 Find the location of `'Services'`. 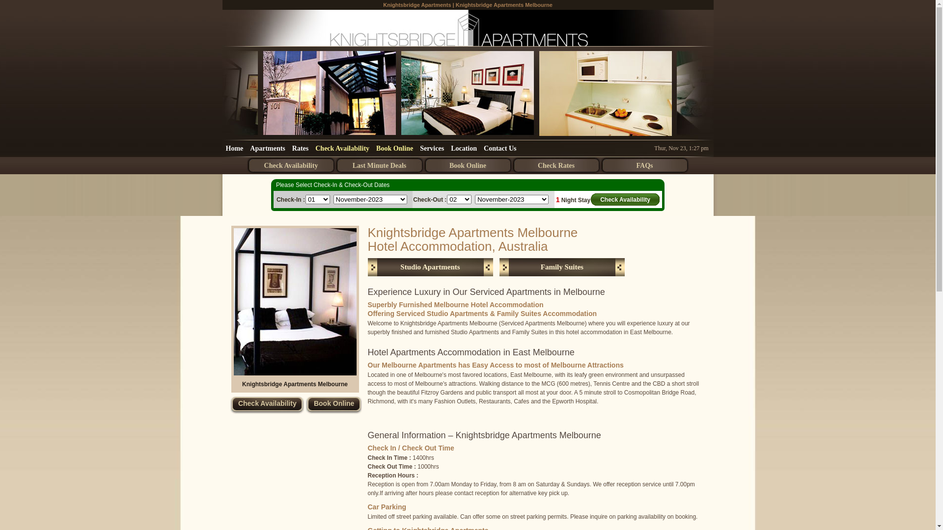

'Services' is located at coordinates (432, 148).